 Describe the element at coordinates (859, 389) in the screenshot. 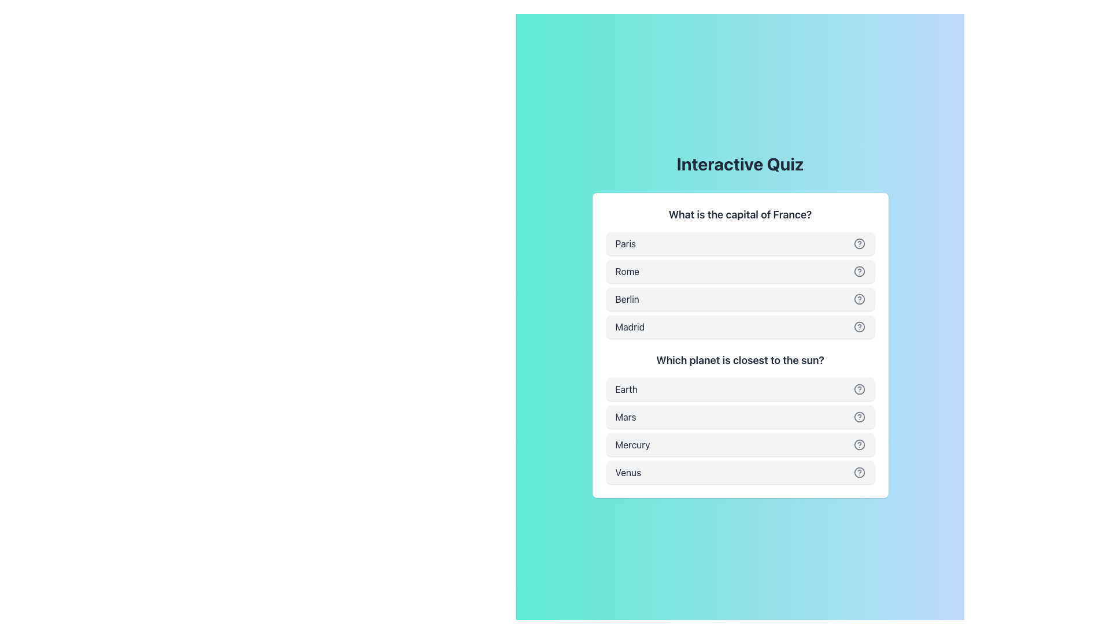

I see `the circular question mark icon located to the right of the 'Earth' option in the second question group` at that location.